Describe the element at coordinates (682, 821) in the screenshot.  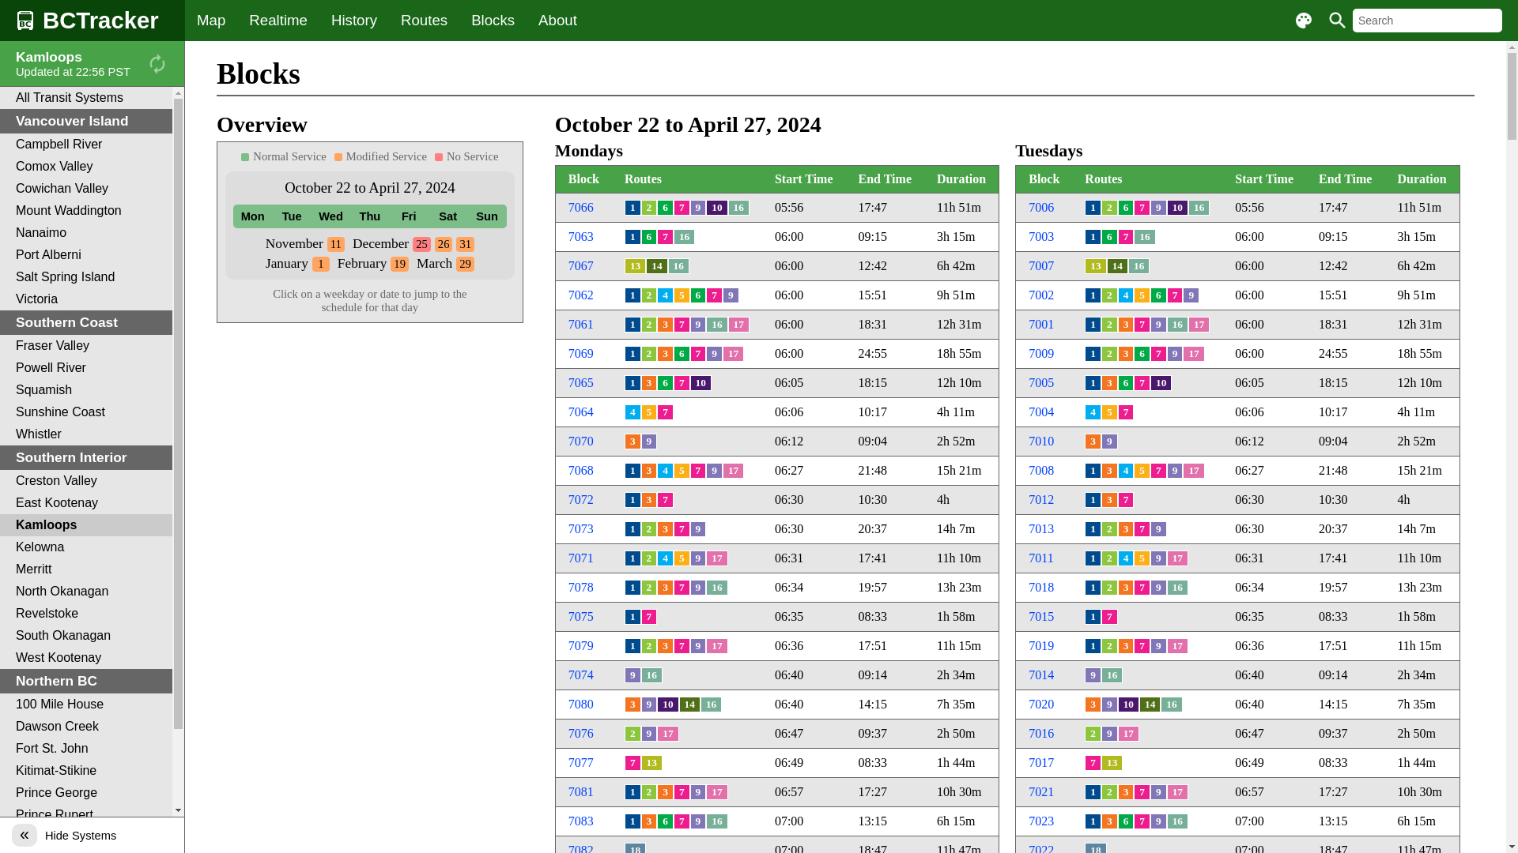
I see `'7'` at that location.